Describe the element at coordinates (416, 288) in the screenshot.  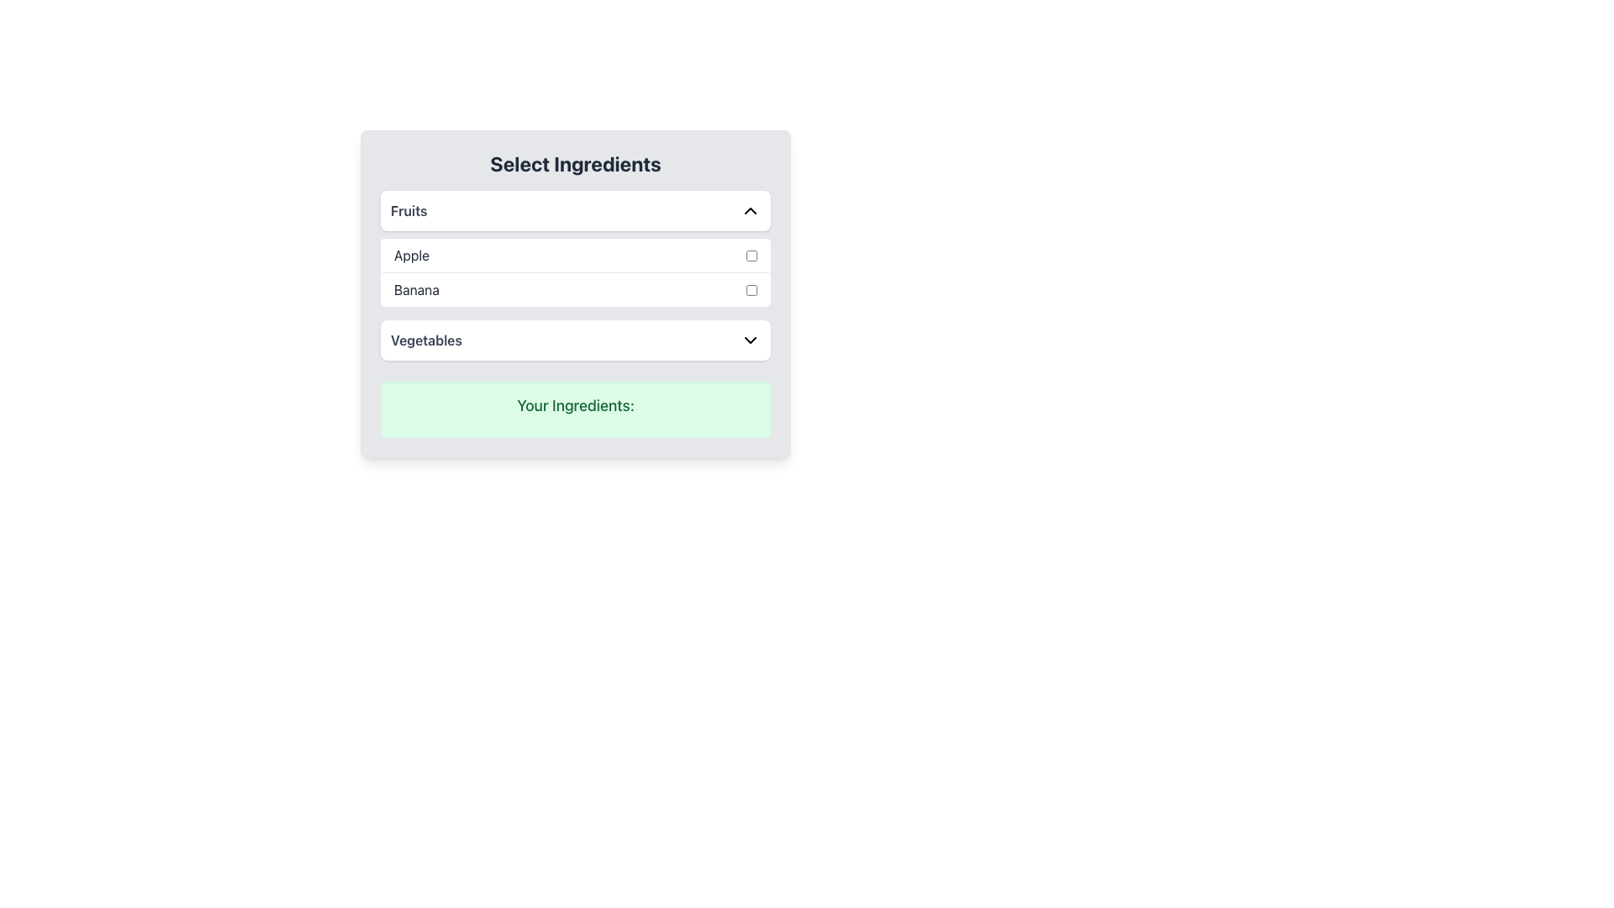
I see `the text label displaying 'Banana', which is styled in bold dark gray and is located under the 'Apple' label in the 'Fruits' section` at that location.